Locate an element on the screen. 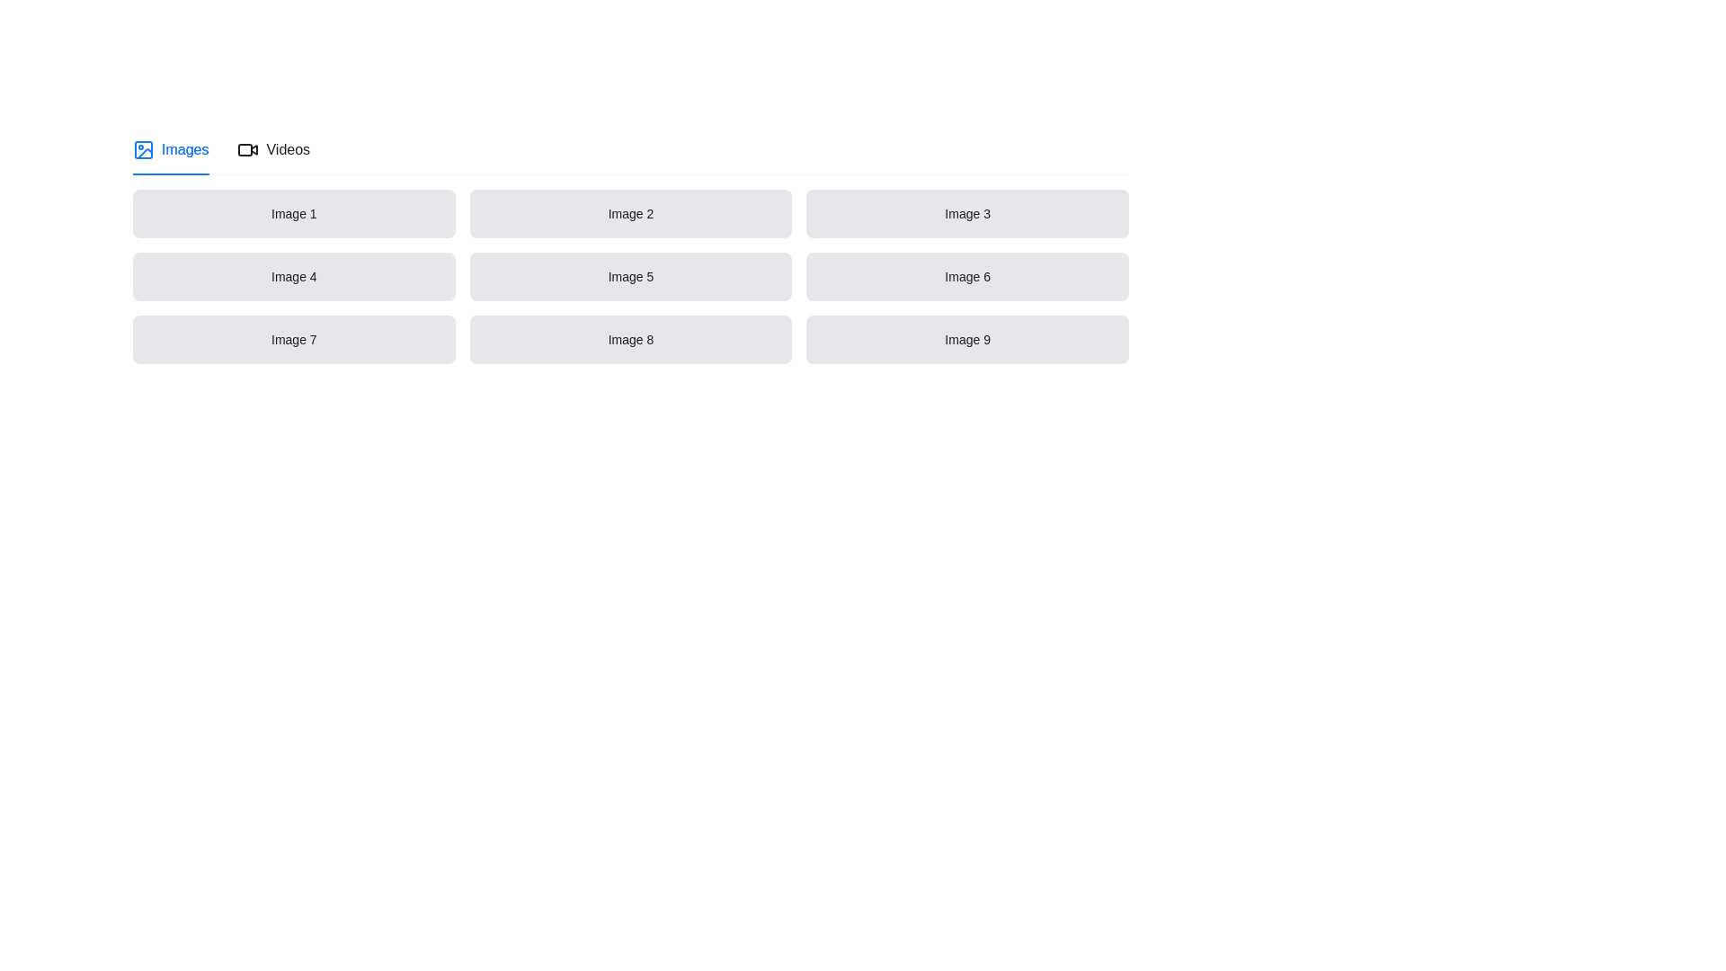  the rounded square SVG vector graphic icon representing the 'Images' section is located at coordinates (142, 147).